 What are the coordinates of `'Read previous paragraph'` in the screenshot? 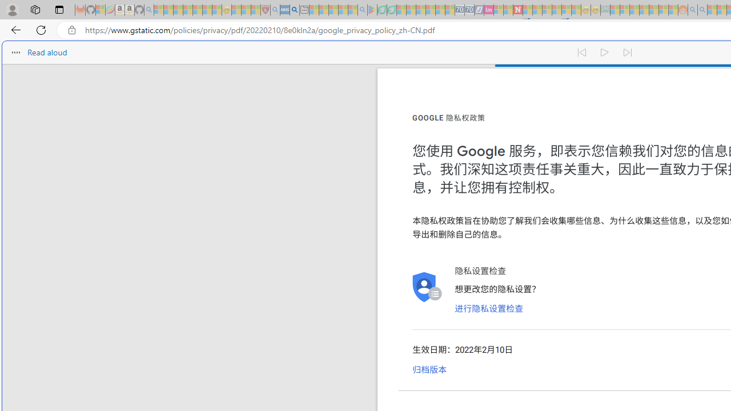 It's located at (581, 53).